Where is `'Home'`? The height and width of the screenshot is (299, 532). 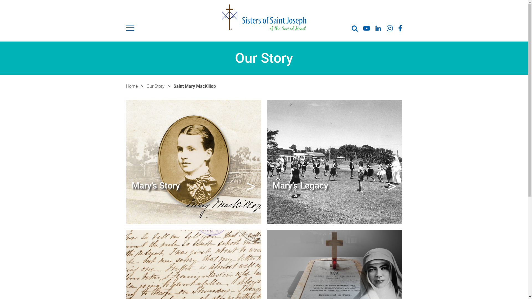 'Home' is located at coordinates (126, 86).